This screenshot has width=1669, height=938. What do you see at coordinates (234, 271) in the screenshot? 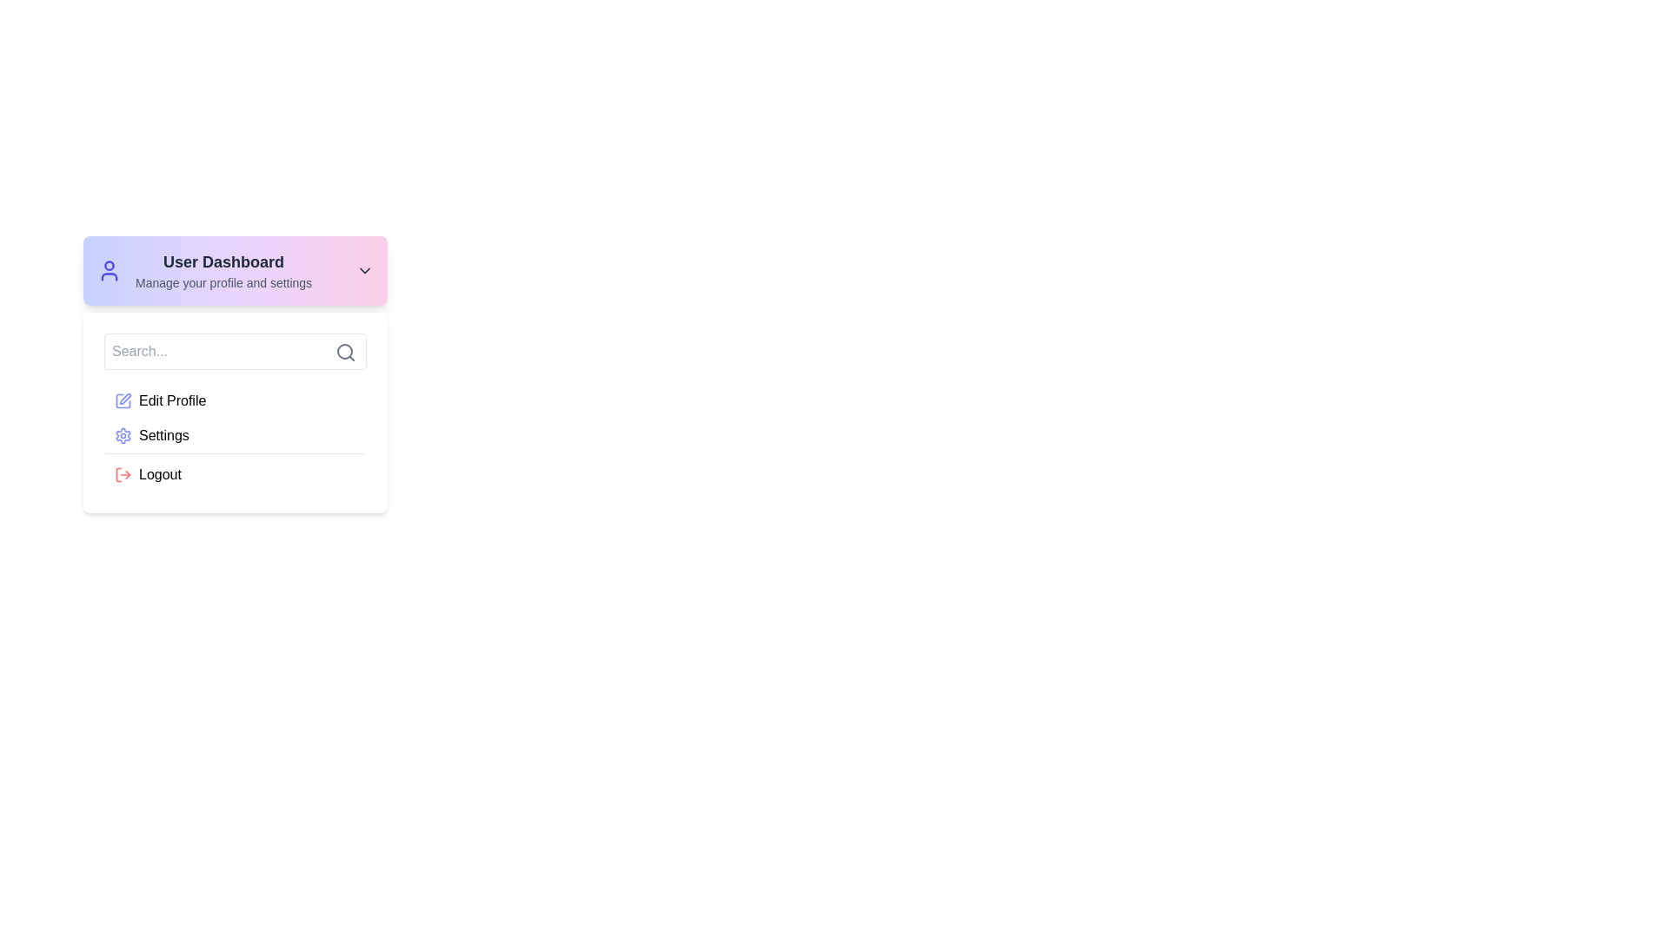
I see `the Dropdown Header titled 'User Dashboard'` at bounding box center [234, 271].